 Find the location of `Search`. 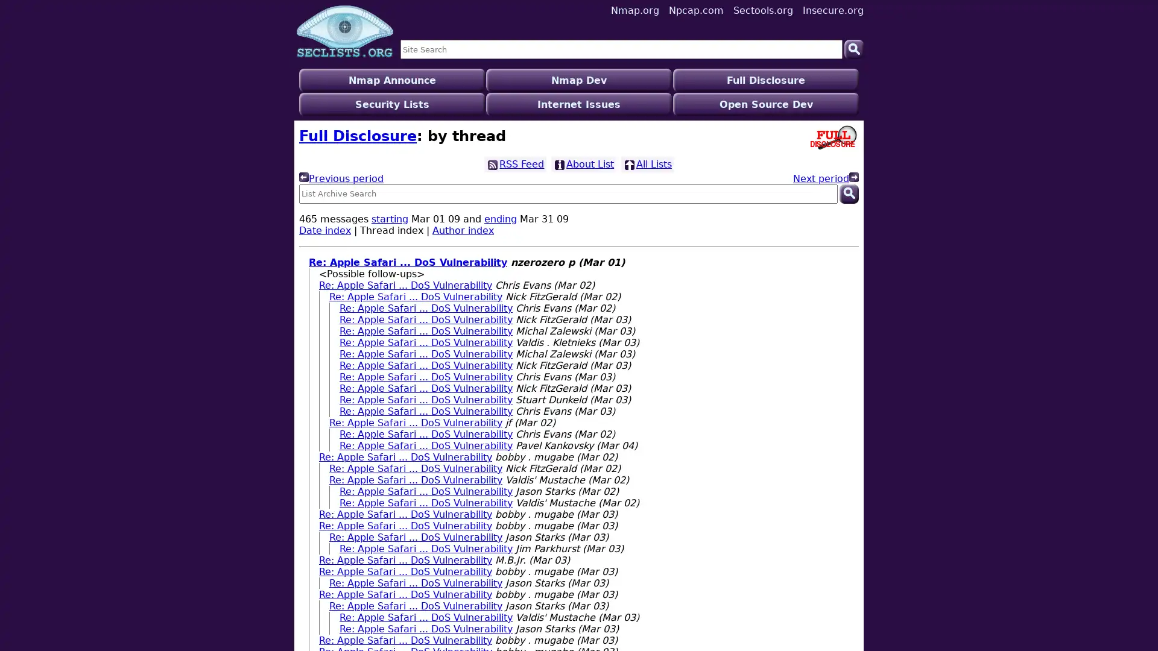

Search is located at coordinates (853, 48).